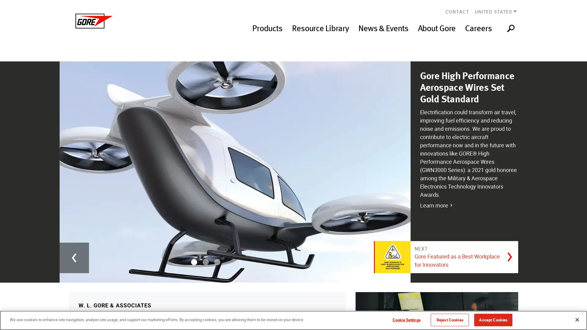 The width and height of the screenshot is (587, 330). Describe the element at coordinates (217, 261) in the screenshot. I see `GO TO SLIDE 3` at that location.